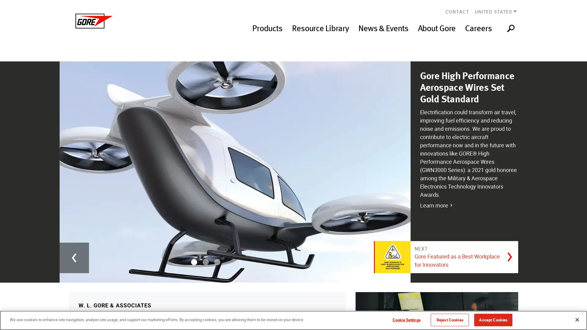 The width and height of the screenshot is (587, 330). Describe the element at coordinates (217, 261) in the screenshot. I see `GO TO SLIDE 3` at that location.